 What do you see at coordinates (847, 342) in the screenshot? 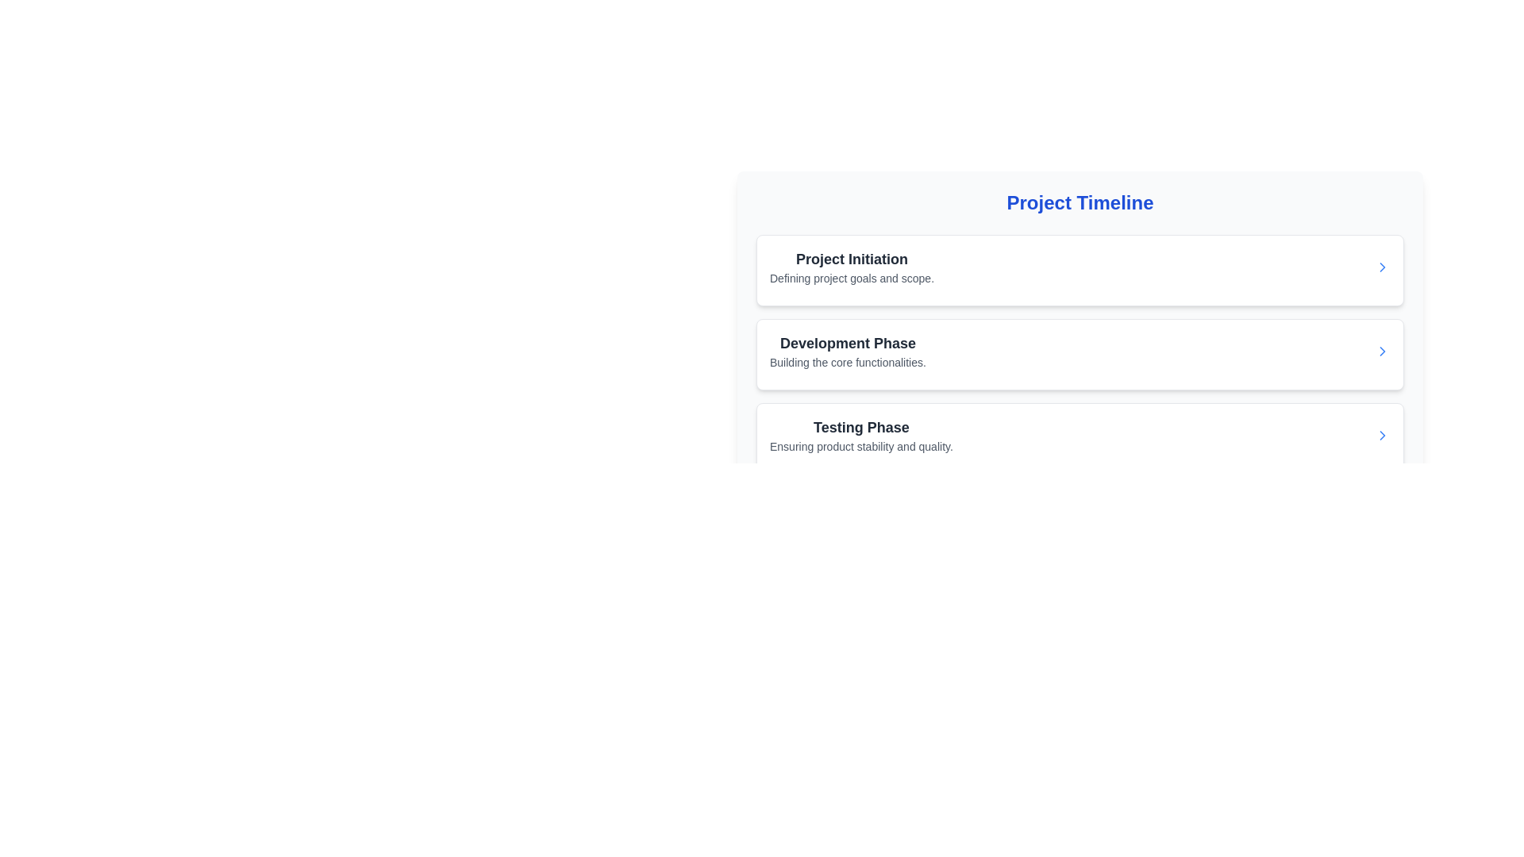
I see `the bold text element displaying 'Development Phase'` at bounding box center [847, 342].